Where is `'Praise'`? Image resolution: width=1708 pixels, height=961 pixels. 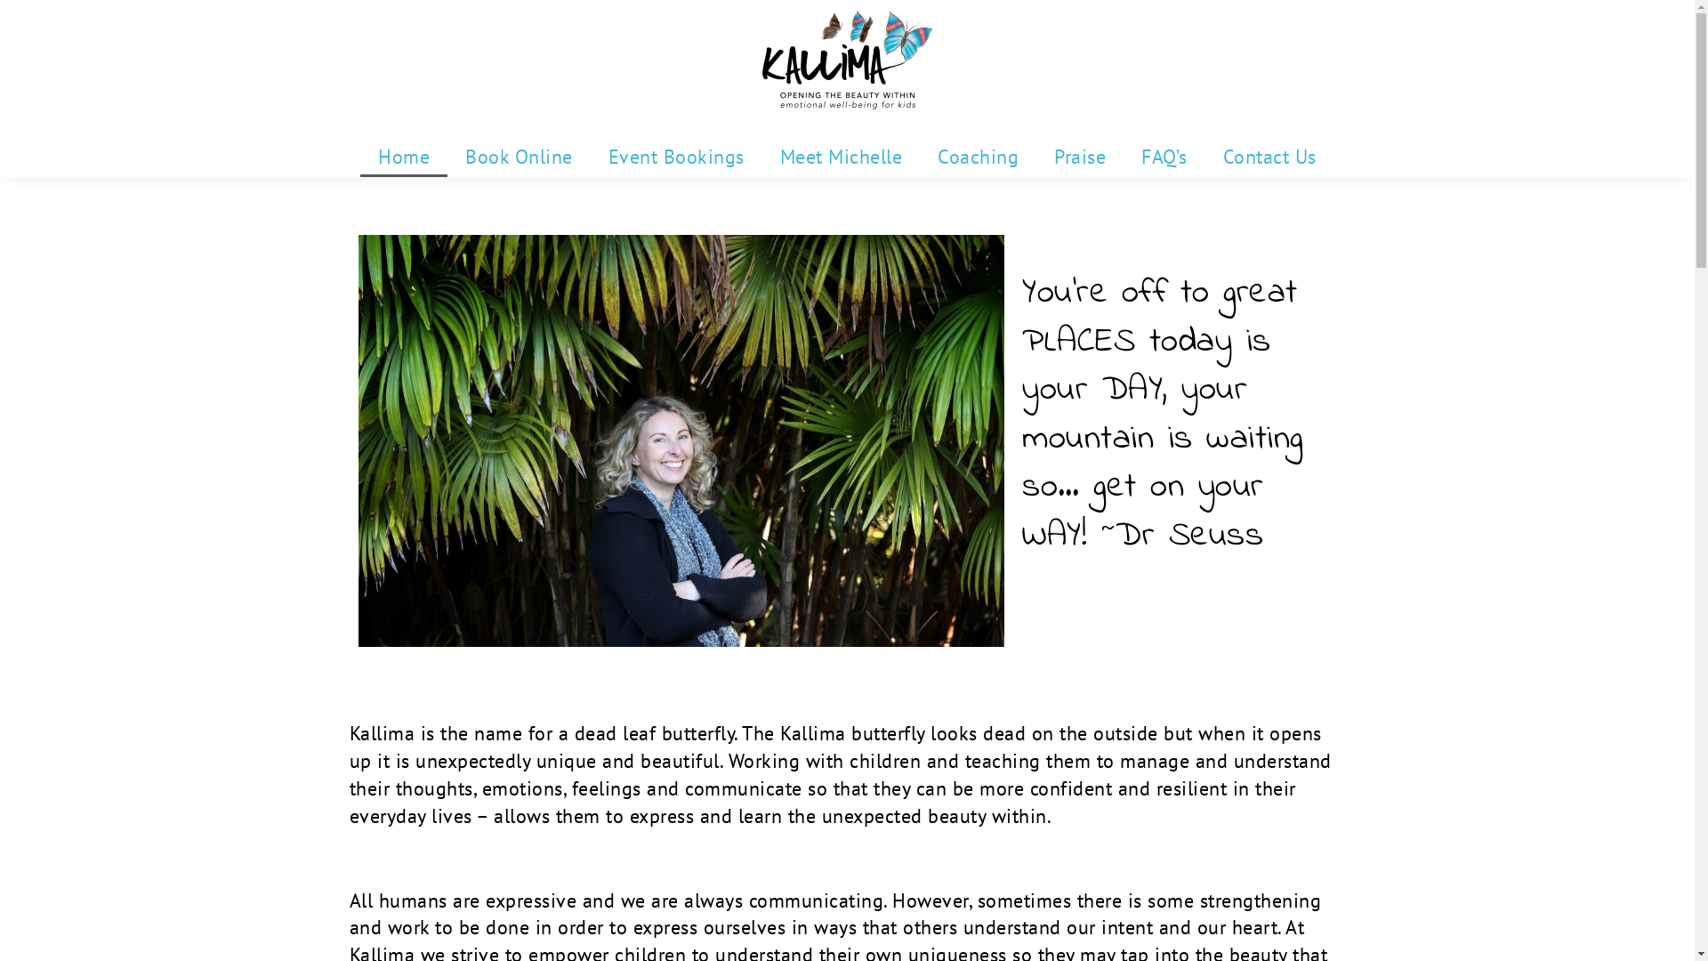
'Praise' is located at coordinates (1079, 156).